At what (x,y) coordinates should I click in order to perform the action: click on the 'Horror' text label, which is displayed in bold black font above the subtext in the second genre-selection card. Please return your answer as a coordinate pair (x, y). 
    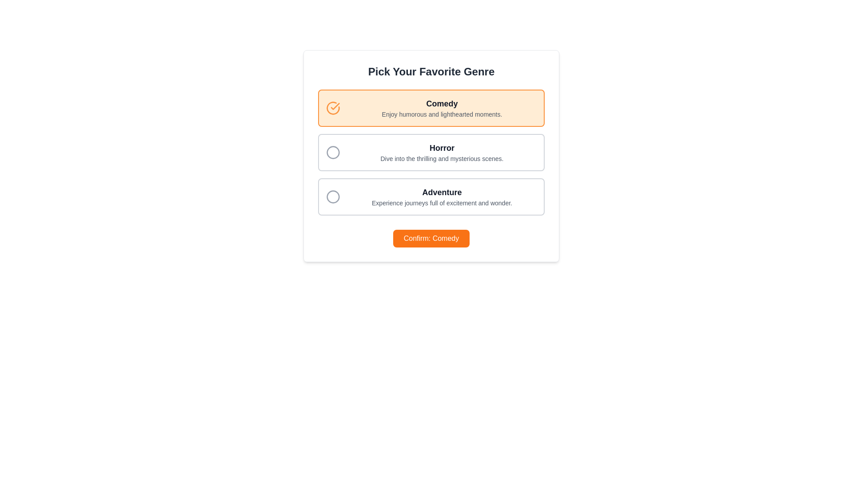
    Looking at the image, I should click on (442, 148).